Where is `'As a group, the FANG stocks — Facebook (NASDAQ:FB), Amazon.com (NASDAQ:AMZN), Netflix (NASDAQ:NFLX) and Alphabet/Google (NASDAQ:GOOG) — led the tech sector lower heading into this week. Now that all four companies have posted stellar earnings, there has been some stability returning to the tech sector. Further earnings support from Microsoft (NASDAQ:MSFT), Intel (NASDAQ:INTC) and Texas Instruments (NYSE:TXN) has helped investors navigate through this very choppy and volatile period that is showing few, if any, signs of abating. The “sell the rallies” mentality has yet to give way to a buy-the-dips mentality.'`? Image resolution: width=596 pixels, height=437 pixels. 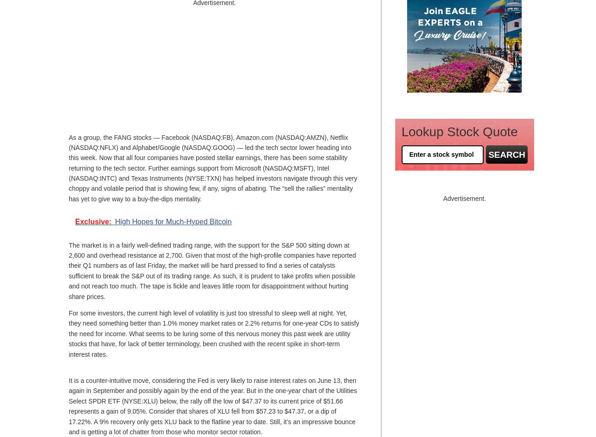 'As a group, the FANG stocks — Facebook (NASDAQ:FB), Amazon.com (NASDAQ:AMZN), Netflix (NASDAQ:NFLX) and Alphabet/Google (NASDAQ:GOOG) — led the tech sector lower heading into this week. Now that all four companies have posted stellar earnings, there has been some stability returning to the tech sector. Further earnings support from Microsoft (NASDAQ:MSFT), Intel (NASDAQ:INTC) and Texas Instruments (NYSE:TXN) has helped investors navigate through this very choppy and volatile period that is showing few, if any, signs of abating. The “sell the rallies” mentality has yet to give way to a buy-the-dips mentality.' is located at coordinates (212, 167).